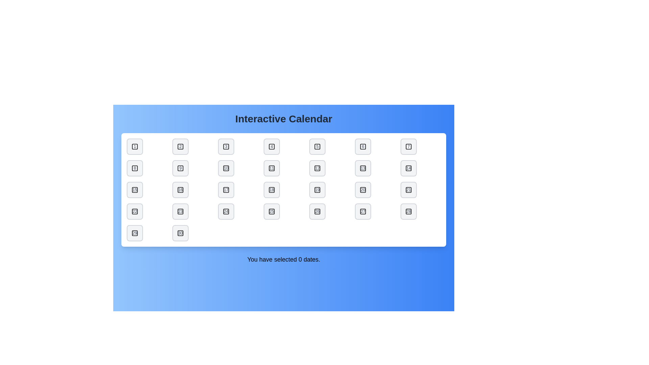  What do you see at coordinates (363, 211) in the screenshot?
I see `the date button labeled 27 to toggle its selection state` at bounding box center [363, 211].